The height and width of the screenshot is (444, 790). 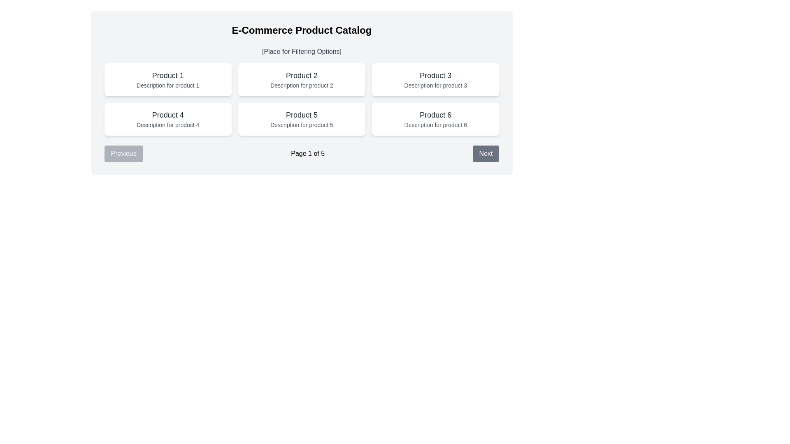 I want to click on the text label displaying 'Description for product 2', which is located below the heading 'Product 2' in the second card of the grid layout, so click(x=301, y=86).